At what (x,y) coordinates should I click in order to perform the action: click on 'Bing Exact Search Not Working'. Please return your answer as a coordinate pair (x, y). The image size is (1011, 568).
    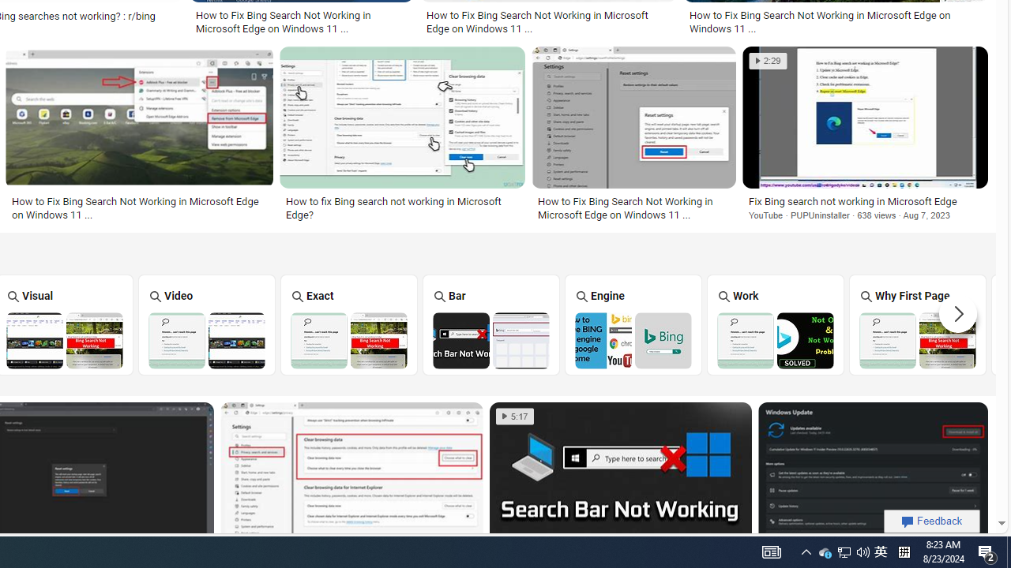
    Looking at the image, I should click on (348, 339).